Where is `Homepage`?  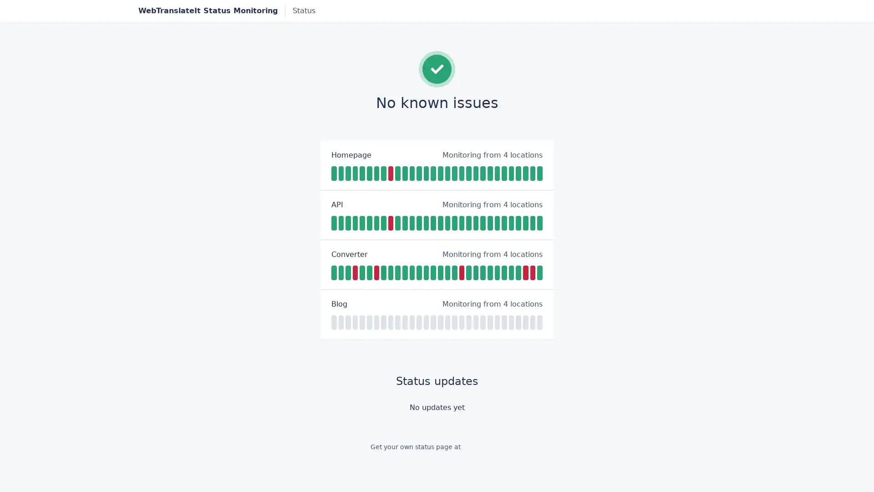 Homepage is located at coordinates (351, 154).